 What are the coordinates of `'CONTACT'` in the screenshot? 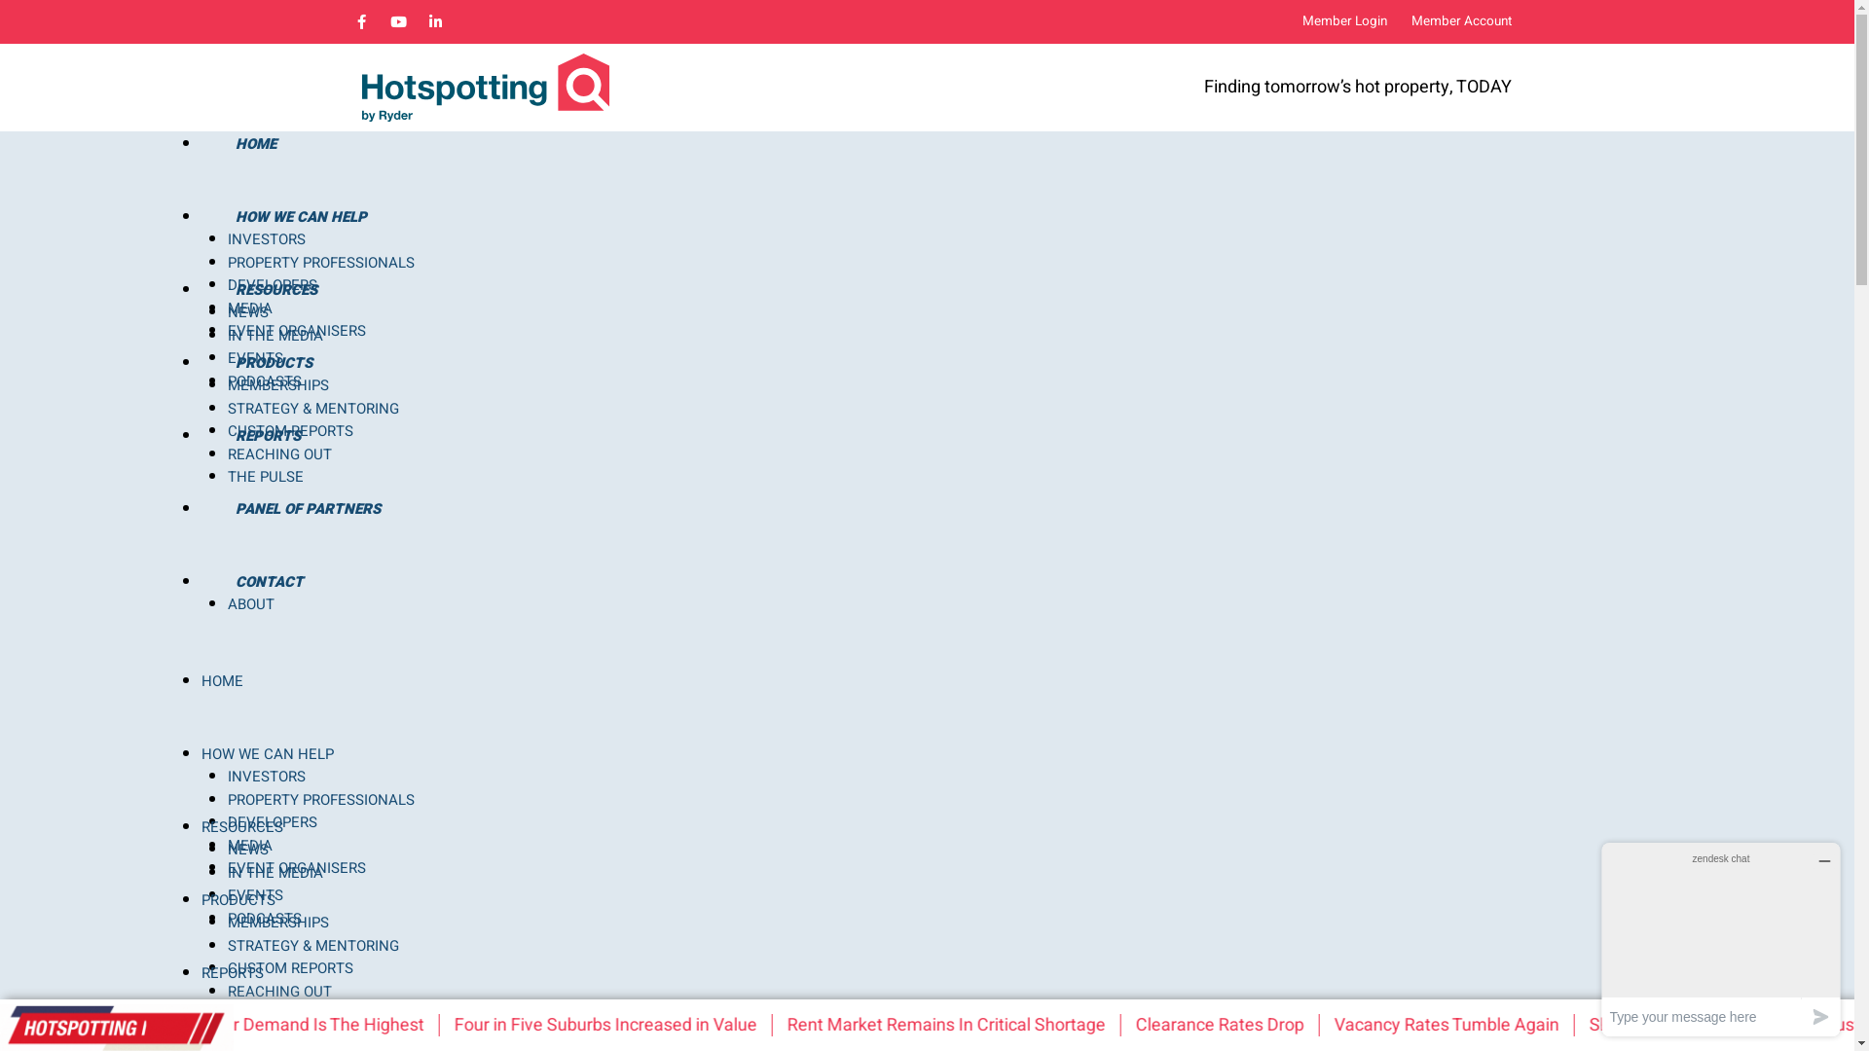 It's located at (267, 580).